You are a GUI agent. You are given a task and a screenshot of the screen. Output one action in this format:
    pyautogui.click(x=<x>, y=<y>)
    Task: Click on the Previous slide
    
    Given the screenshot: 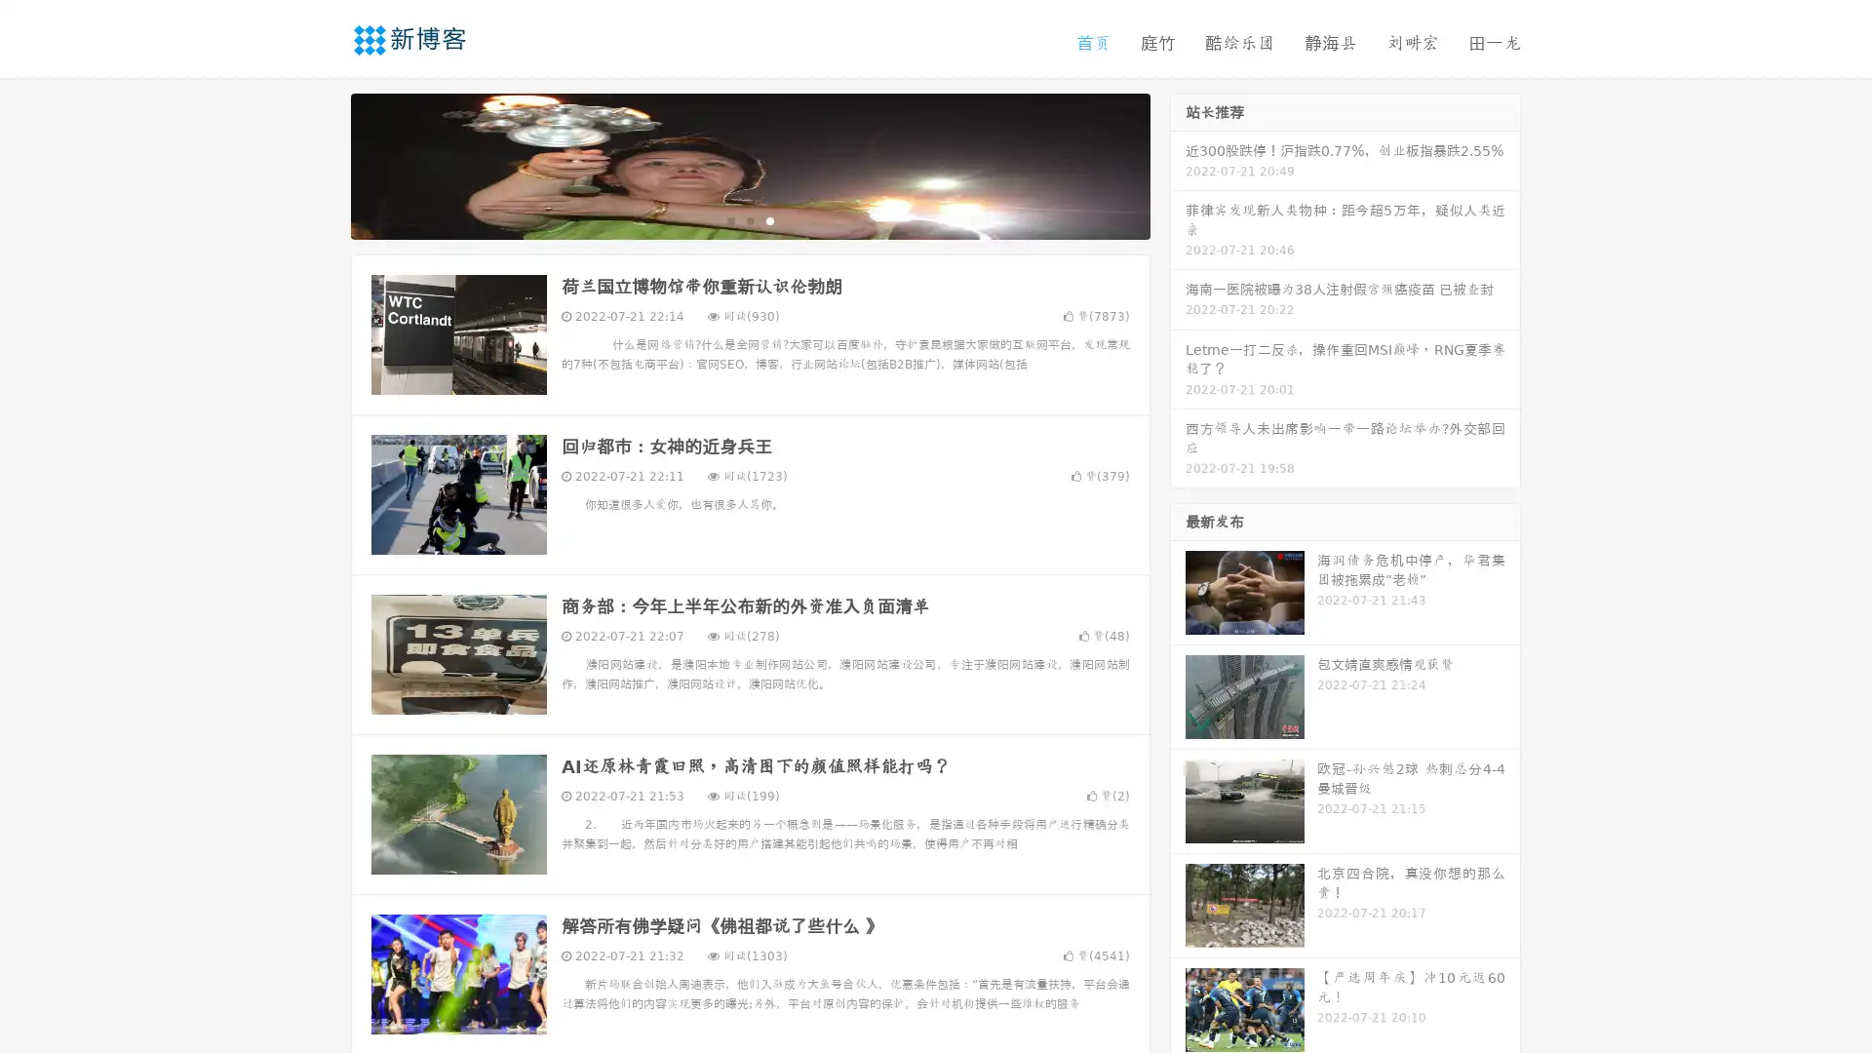 What is the action you would take?
    pyautogui.click(x=322, y=164)
    